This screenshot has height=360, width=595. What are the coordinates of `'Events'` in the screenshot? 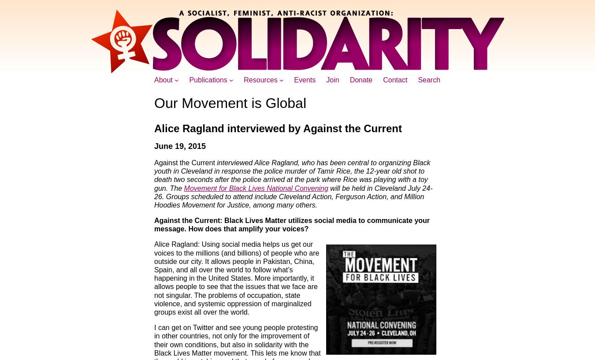 It's located at (294, 79).